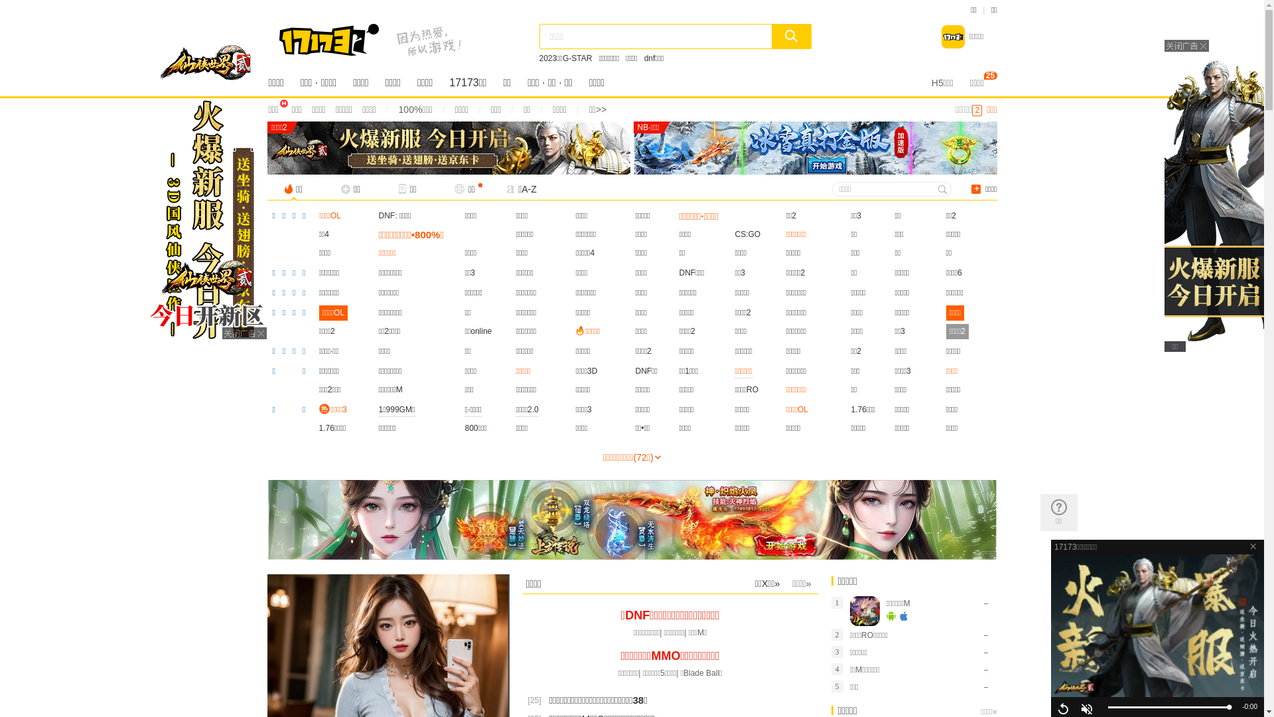 This screenshot has width=1274, height=717. What do you see at coordinates (748, 234) in the screenshot?
I see `'CS:GO'` at bounding box center [748, 234].